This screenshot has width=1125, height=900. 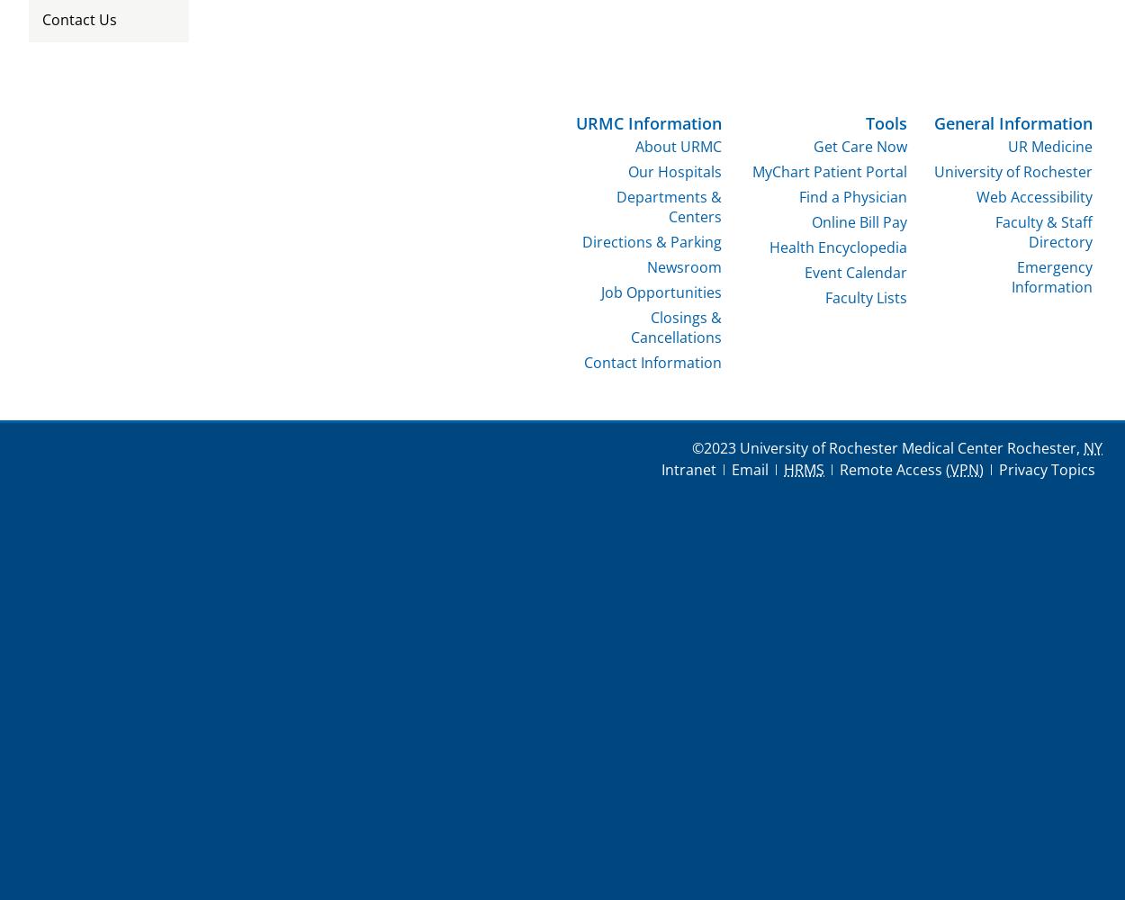 What do you see at coordinates (627, 170) in the screenshot?
I see `'Our Hospitals'` at bounding box center [627, 170].